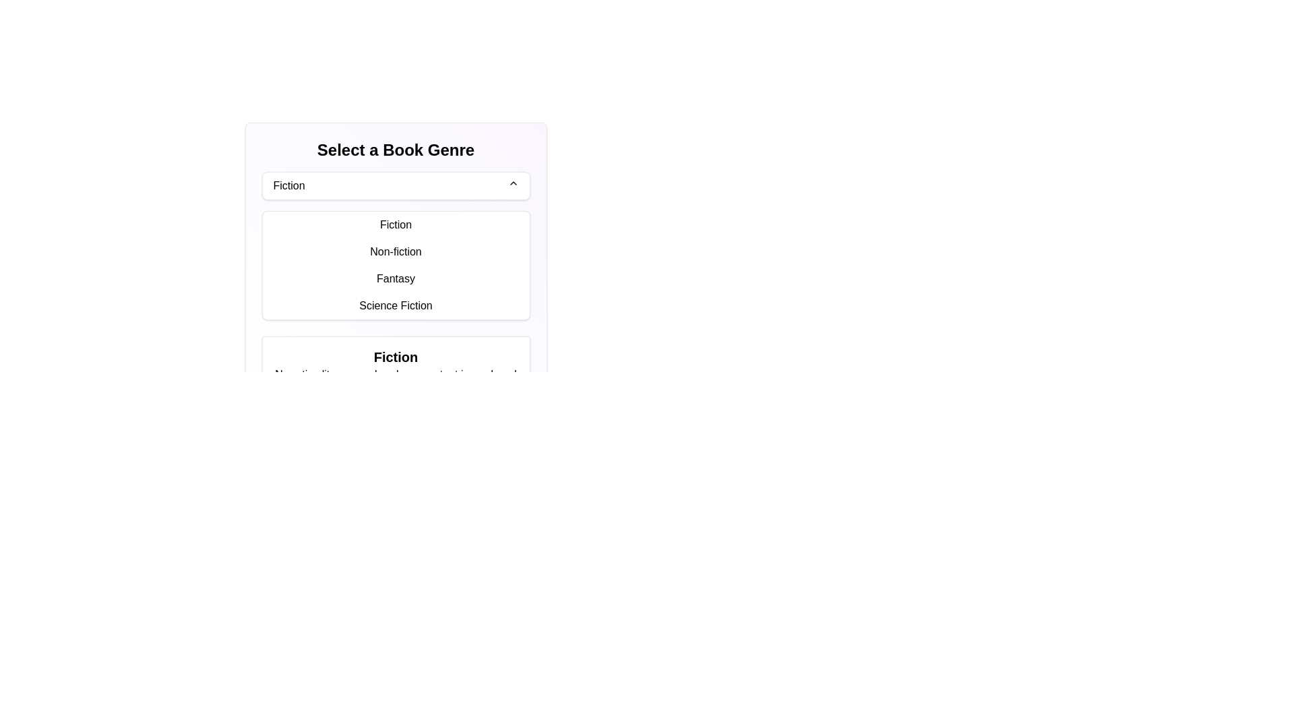 The height and width of the screenshot is (728, 1294). What do you see at coordinates (395, 252) in the screenshot?
I see `the 'Non-fiction' selectable list item` at bounding box center [395, 252].